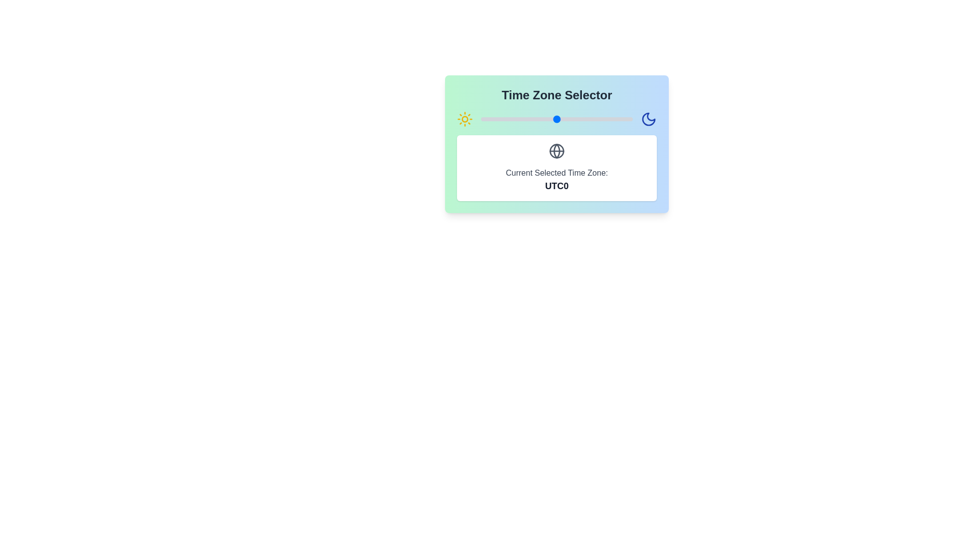 This screenshot has width=959, height=539. Describe the element at coordinates (512, 119) in the screenshot. I see `the time zone offset` at that location.